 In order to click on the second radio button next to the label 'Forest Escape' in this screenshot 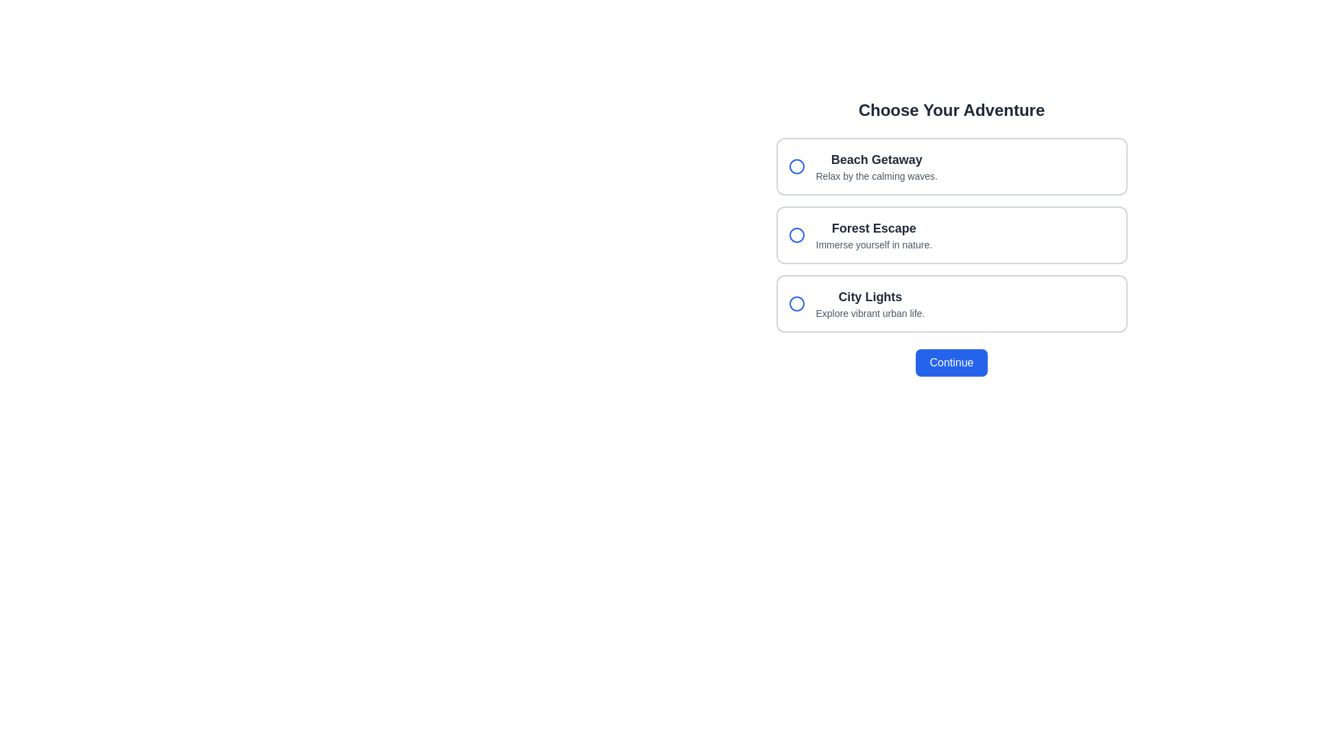, I will do `click(796, 235)`.